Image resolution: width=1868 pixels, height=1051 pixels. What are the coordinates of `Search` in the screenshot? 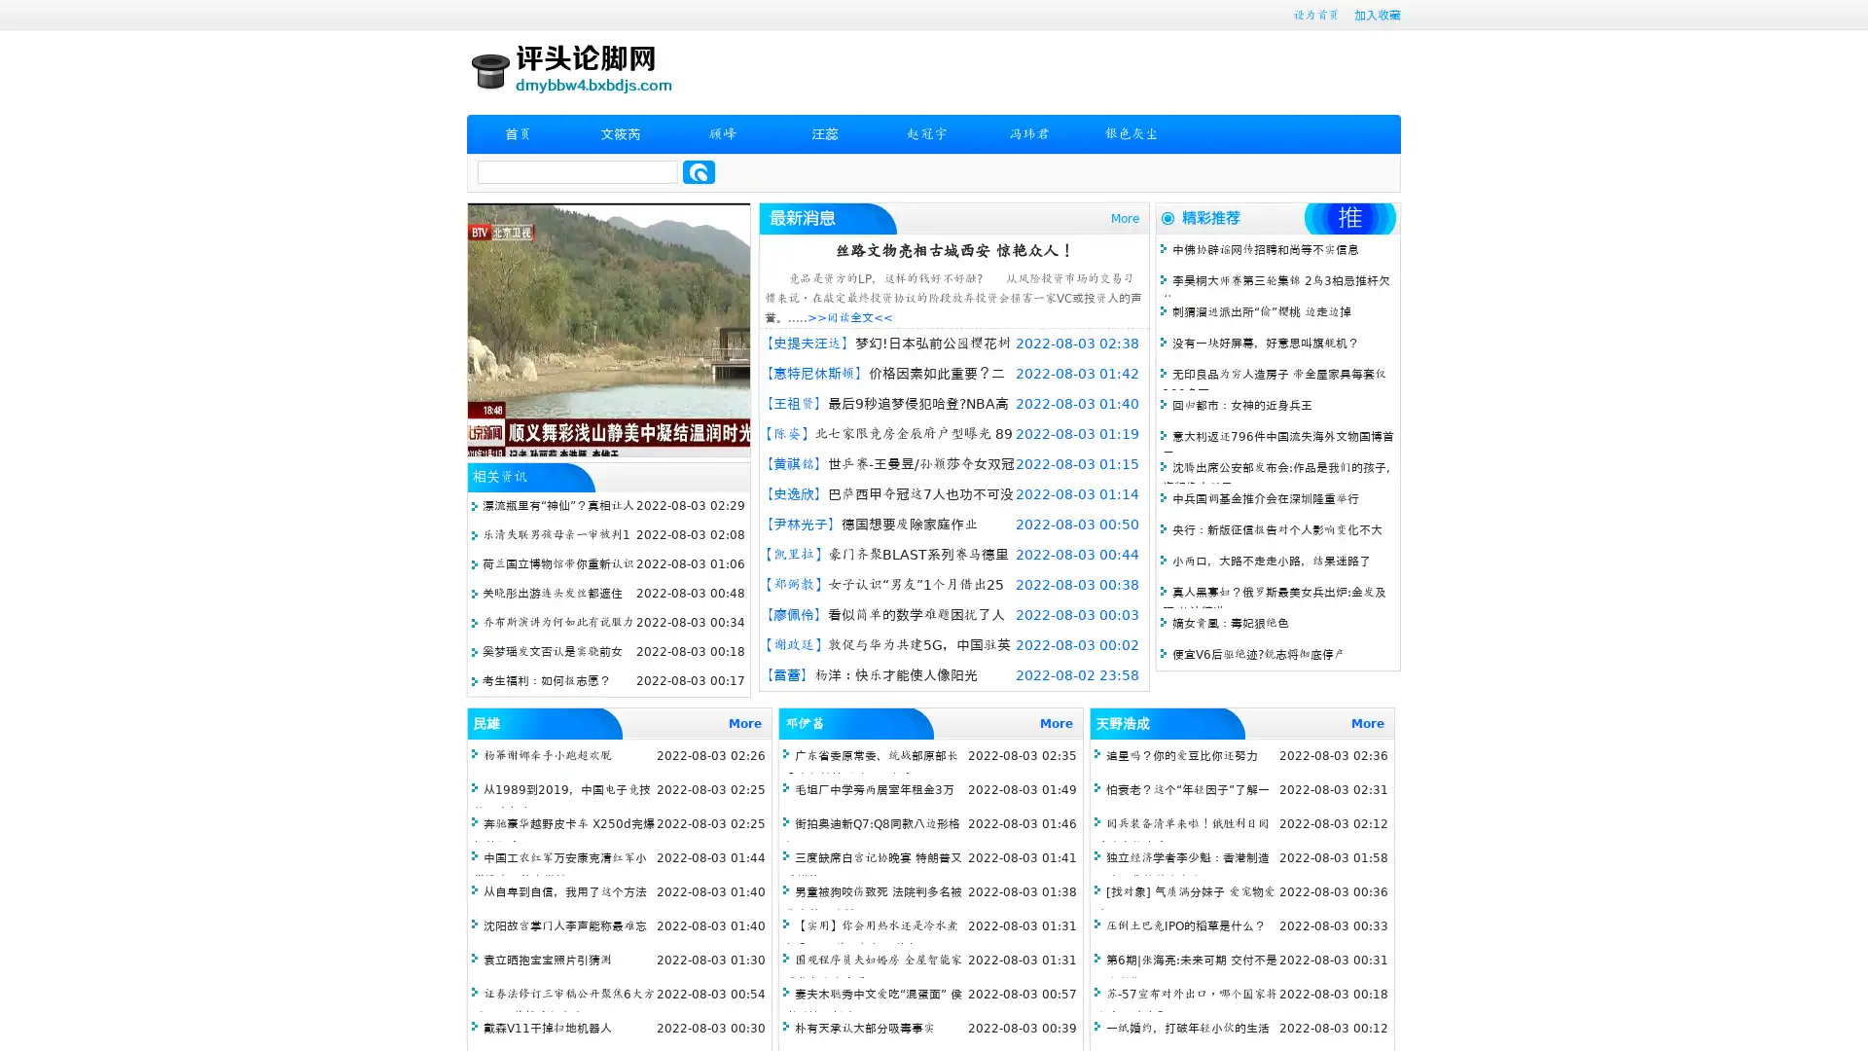 It's located at (699, 171).